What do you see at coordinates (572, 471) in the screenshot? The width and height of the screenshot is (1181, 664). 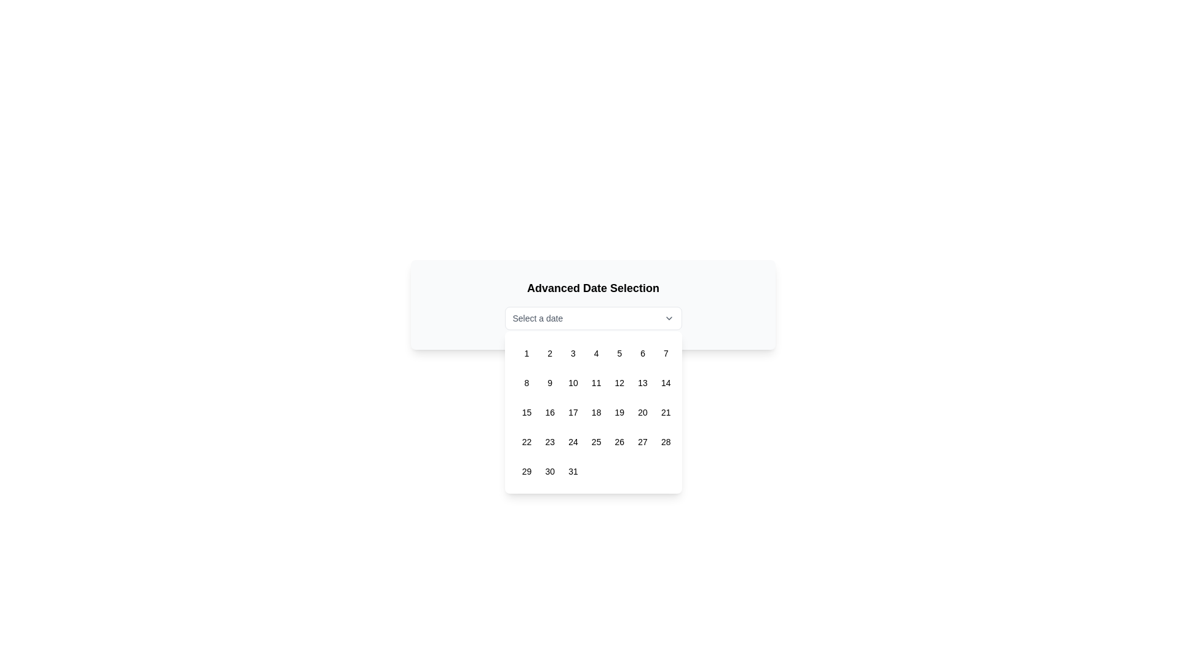 I see `the day '31' button in the calendar view` at bounding box center [572, 471].